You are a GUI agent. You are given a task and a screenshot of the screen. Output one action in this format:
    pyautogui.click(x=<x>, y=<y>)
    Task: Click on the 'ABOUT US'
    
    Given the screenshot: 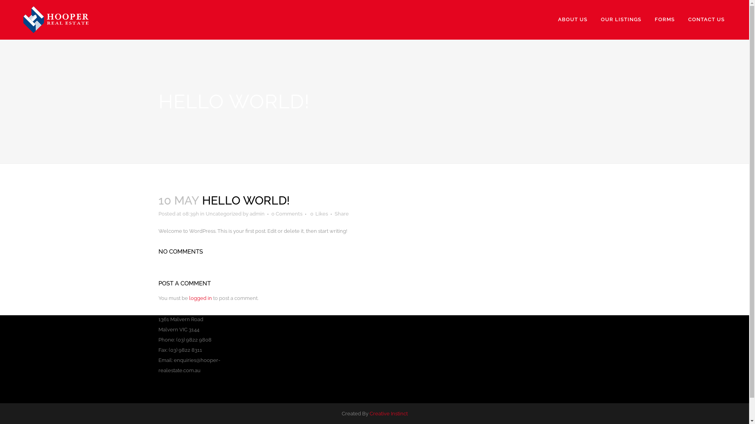 What is the action you would take?
    pyautogui.click(x=573, y=19)
    